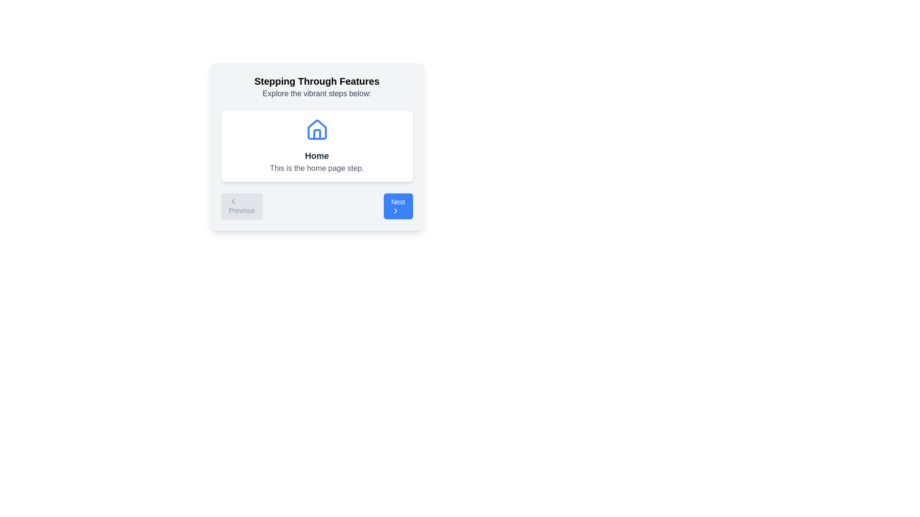  Describe the element at coordinates (241, 206) in the screenshot. I see `the 'Previous' button, which has a gray background, rounded corners, and a left-pointing chevron icon indicating its inactive state` at that location.